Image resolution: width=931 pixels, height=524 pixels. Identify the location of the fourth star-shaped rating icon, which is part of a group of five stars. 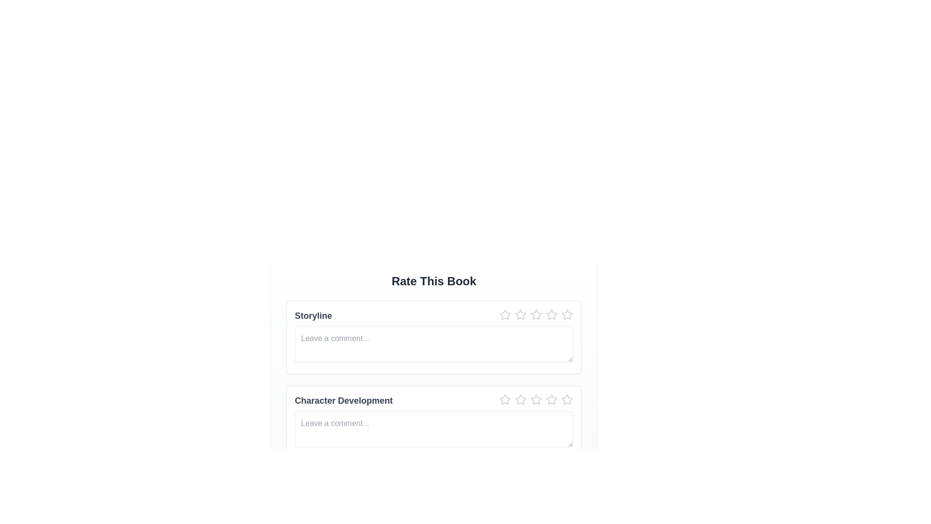
(535, 314).